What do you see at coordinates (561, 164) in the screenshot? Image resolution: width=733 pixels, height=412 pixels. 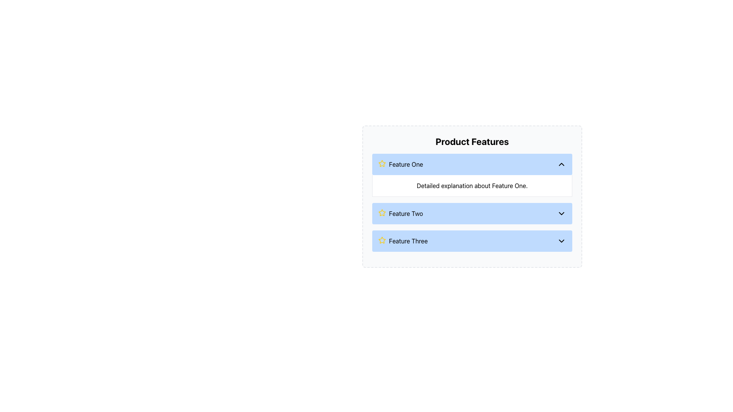 I see `the chevron-up icon located at the far right of the 'Feature One' section` at bounding box center [561, 164].